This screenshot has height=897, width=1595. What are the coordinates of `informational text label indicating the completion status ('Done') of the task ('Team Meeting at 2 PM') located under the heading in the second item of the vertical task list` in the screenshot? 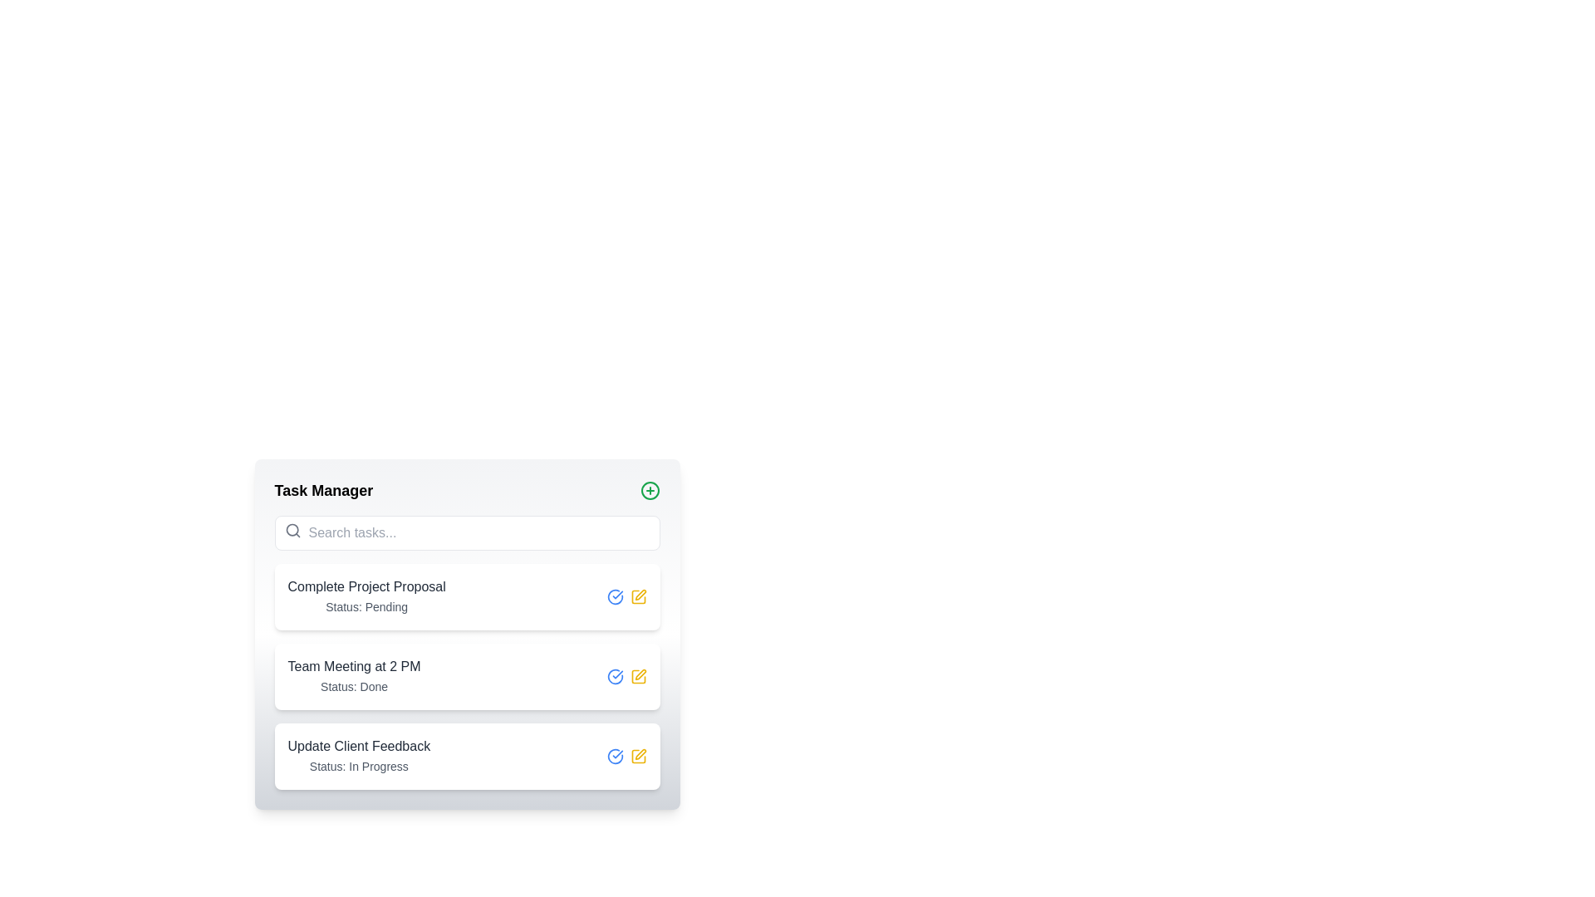 It's located at (353, 686).